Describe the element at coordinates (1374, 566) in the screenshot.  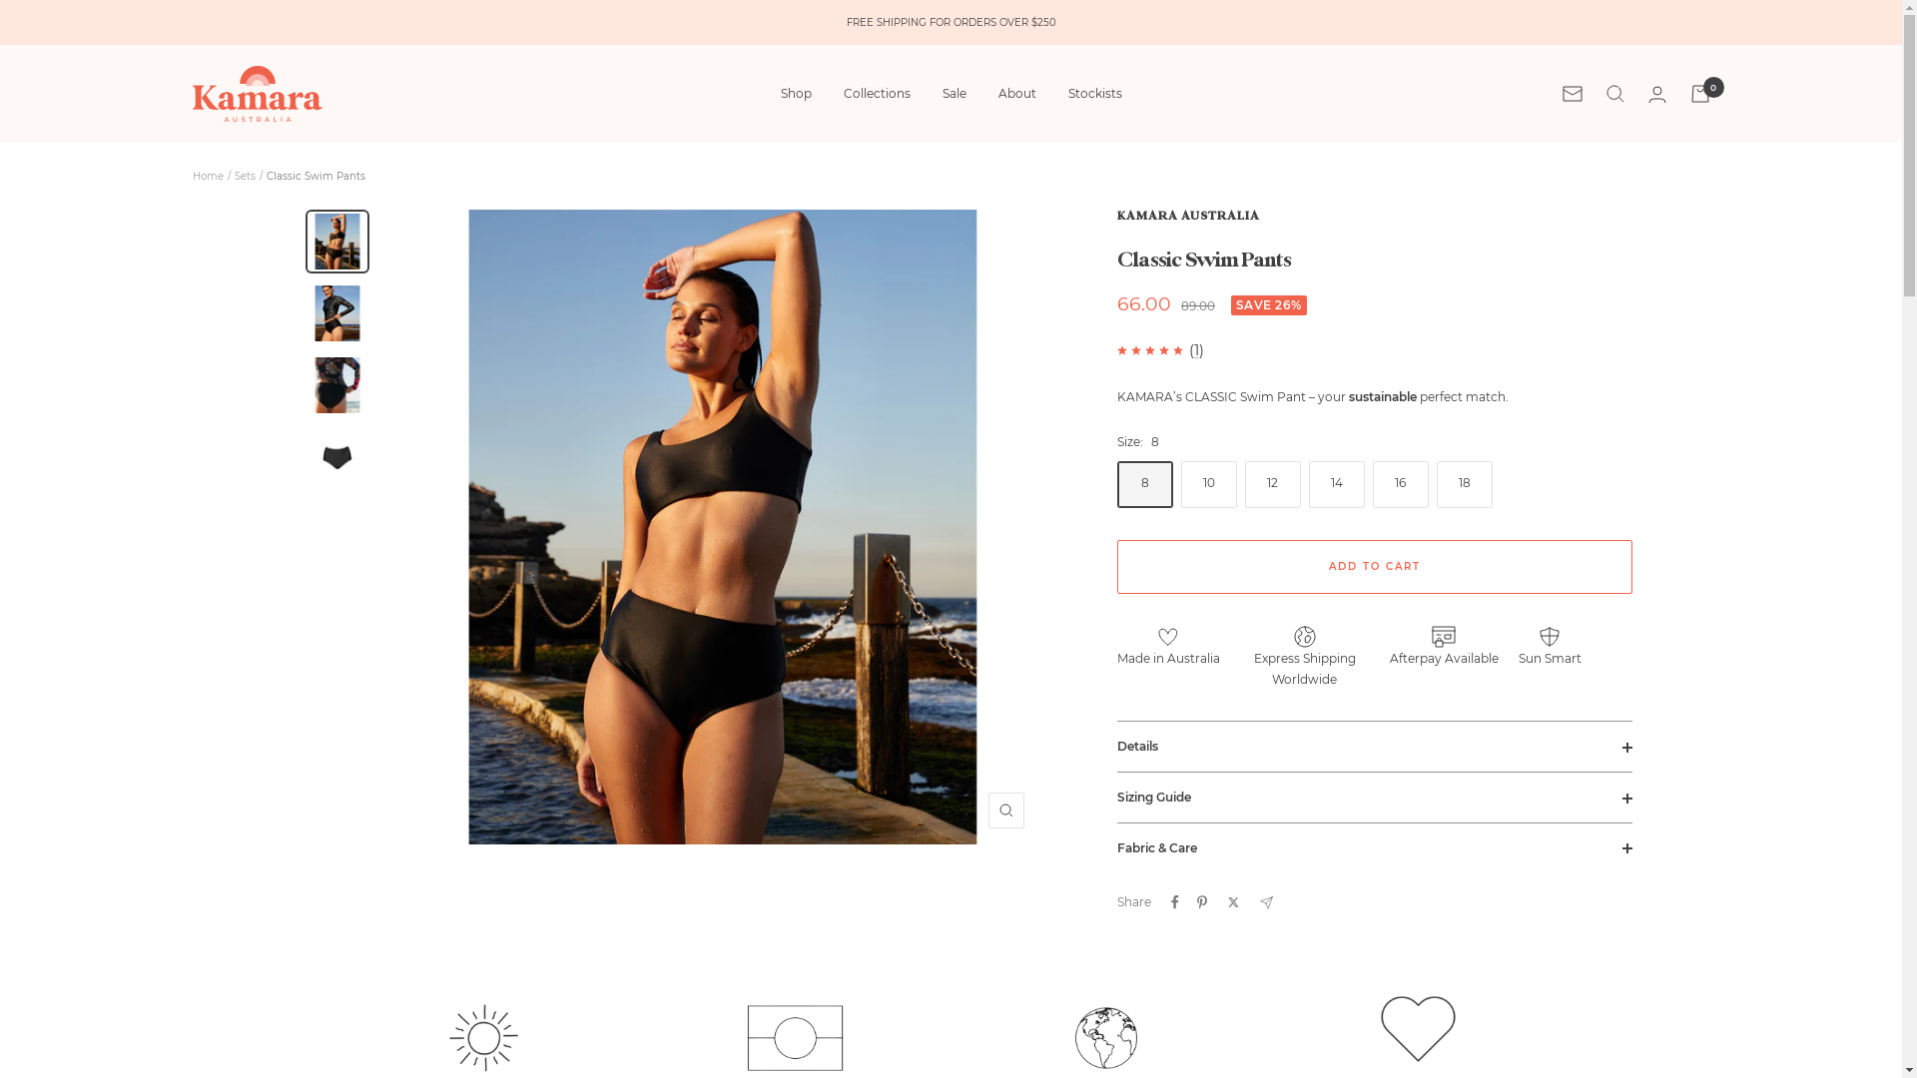
I see `'ADD TO CART'` at that location.